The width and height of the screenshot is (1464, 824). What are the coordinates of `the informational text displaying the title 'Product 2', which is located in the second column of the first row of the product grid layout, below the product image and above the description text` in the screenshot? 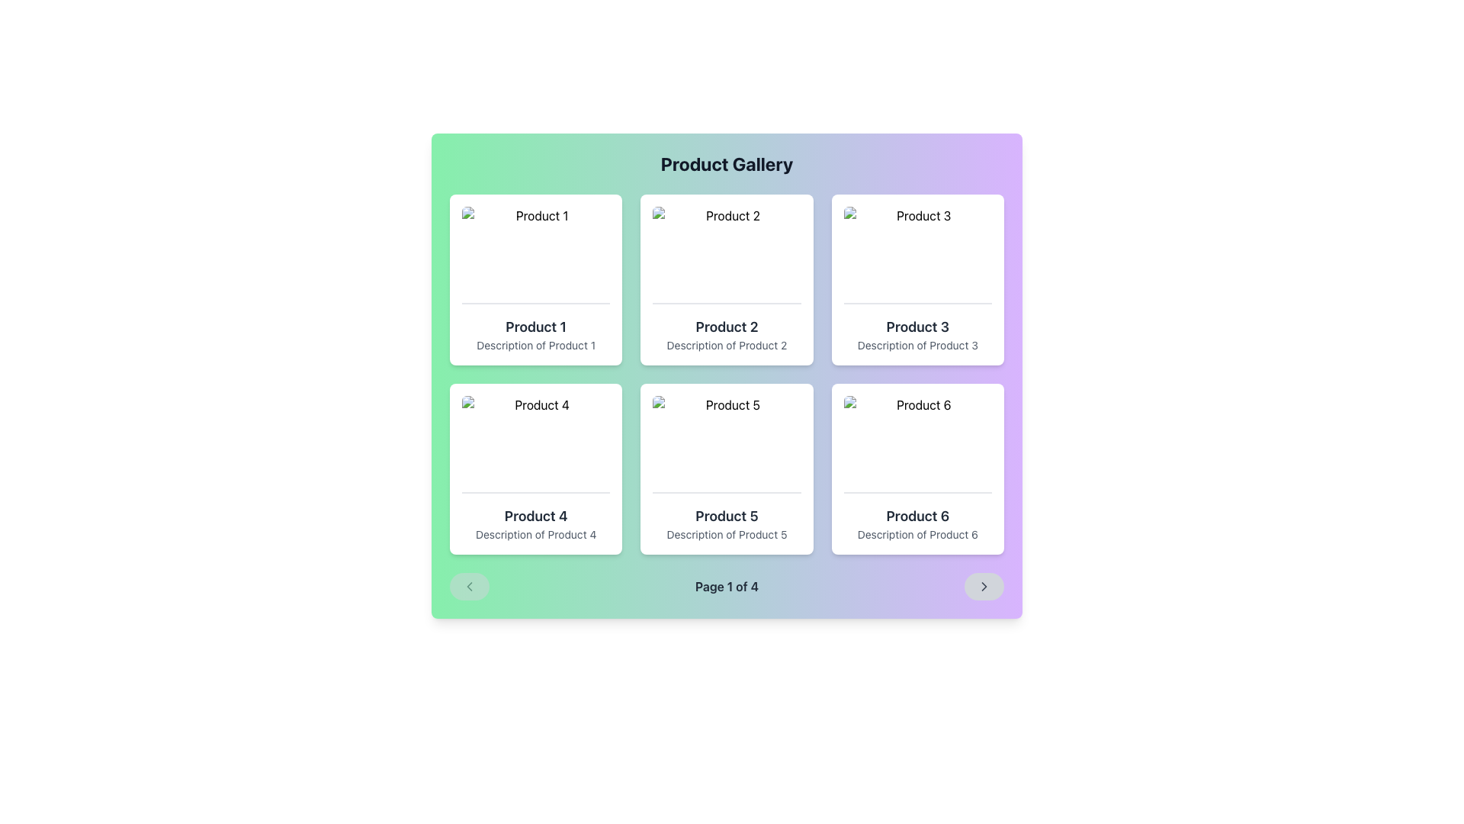 It's located at (726, 326).